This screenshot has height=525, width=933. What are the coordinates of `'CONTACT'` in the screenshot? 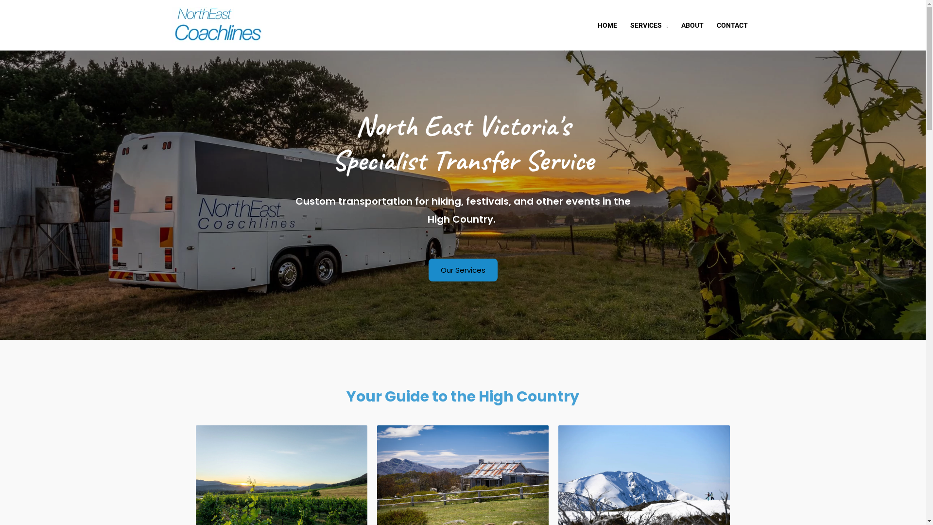 It's located at (732, 24).